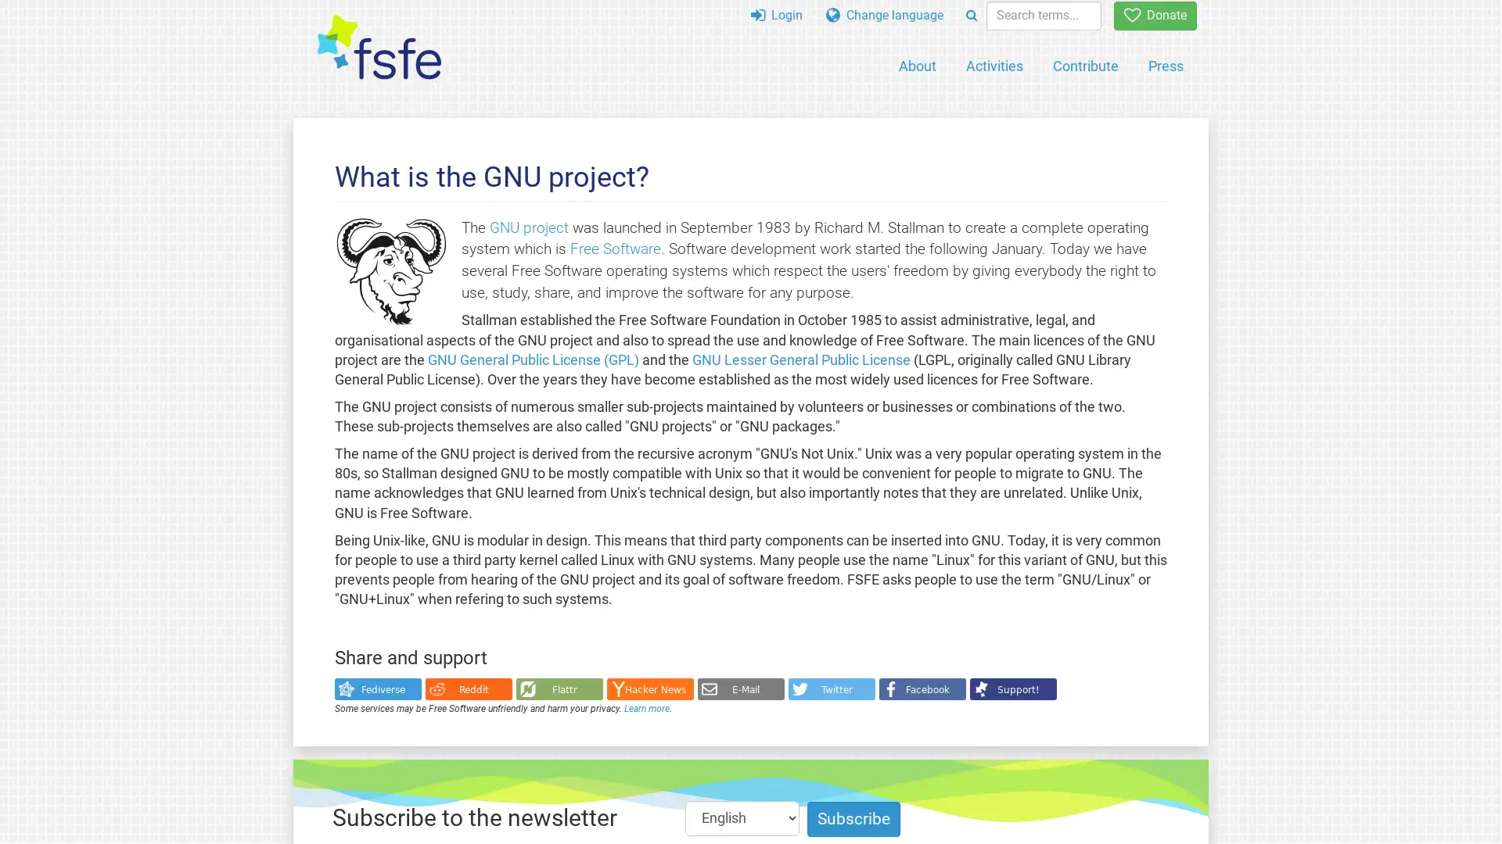  What do you see at coordinates (559, 688) in the screenshot?
I see `Flattr` at bounding box center [559, 688].